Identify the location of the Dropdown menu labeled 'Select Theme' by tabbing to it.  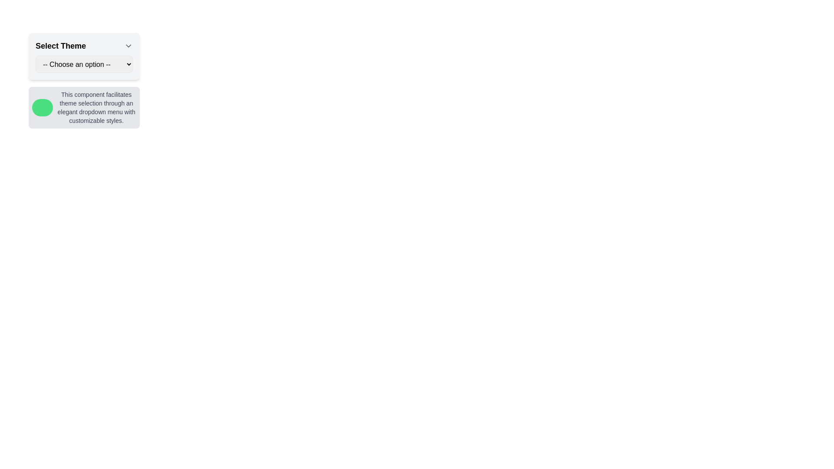
(84, 56).